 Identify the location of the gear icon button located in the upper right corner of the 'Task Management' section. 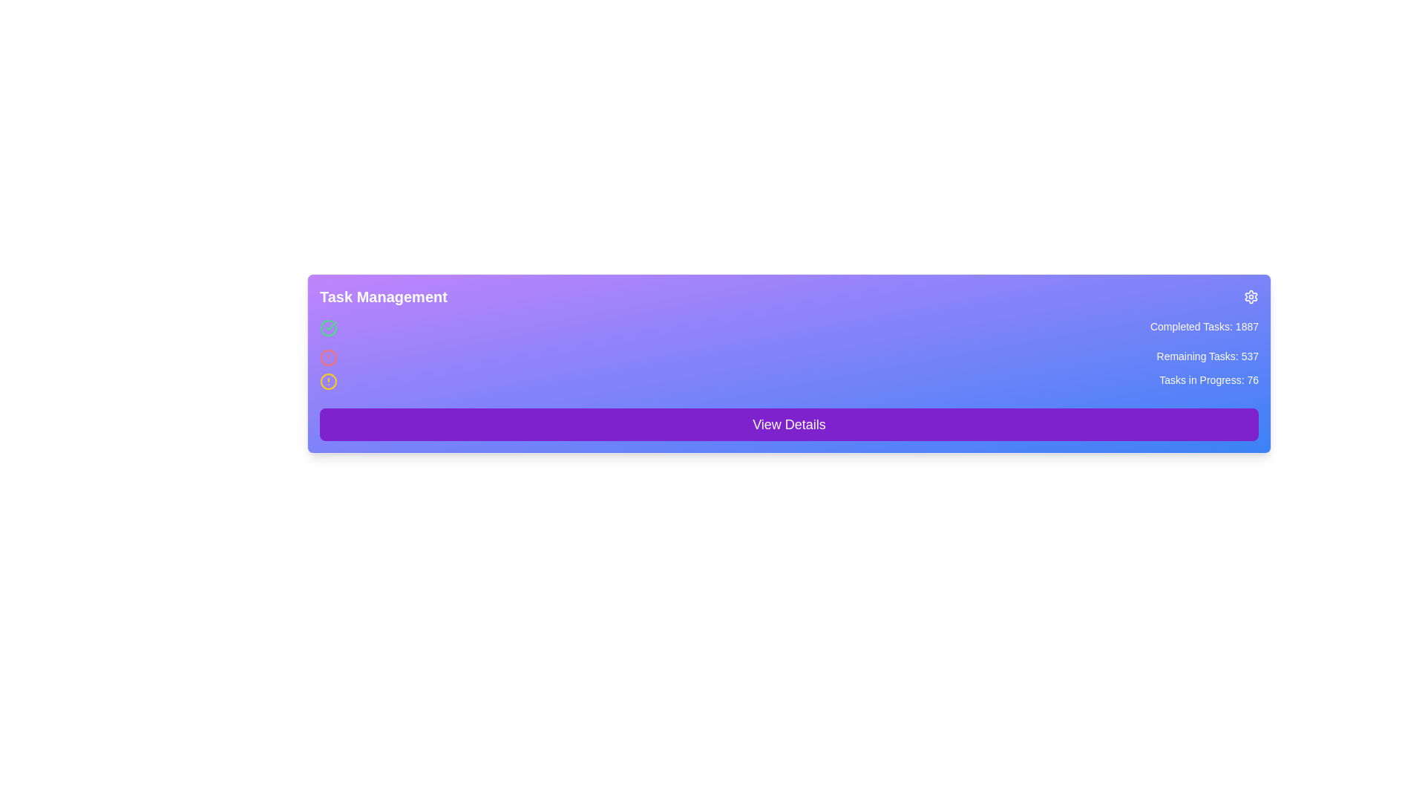
(1250, 297).